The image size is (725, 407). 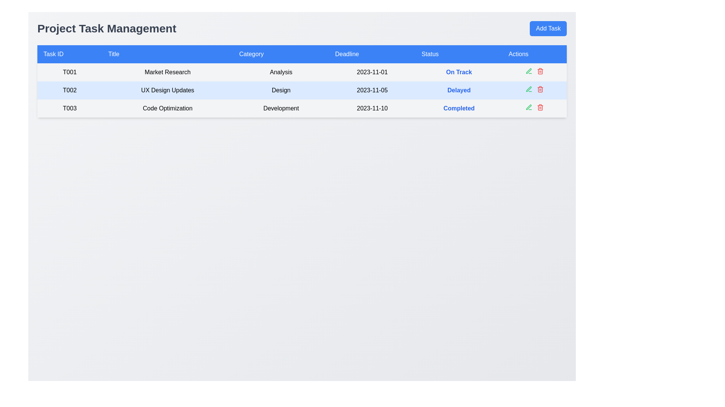 What do you see at coordinates (69, 109) in the screenshot?
I see `the text node displaying the identifier 'T003' located in the third row of the table under the 'Task ID' column` at bounding box center [69, 109].